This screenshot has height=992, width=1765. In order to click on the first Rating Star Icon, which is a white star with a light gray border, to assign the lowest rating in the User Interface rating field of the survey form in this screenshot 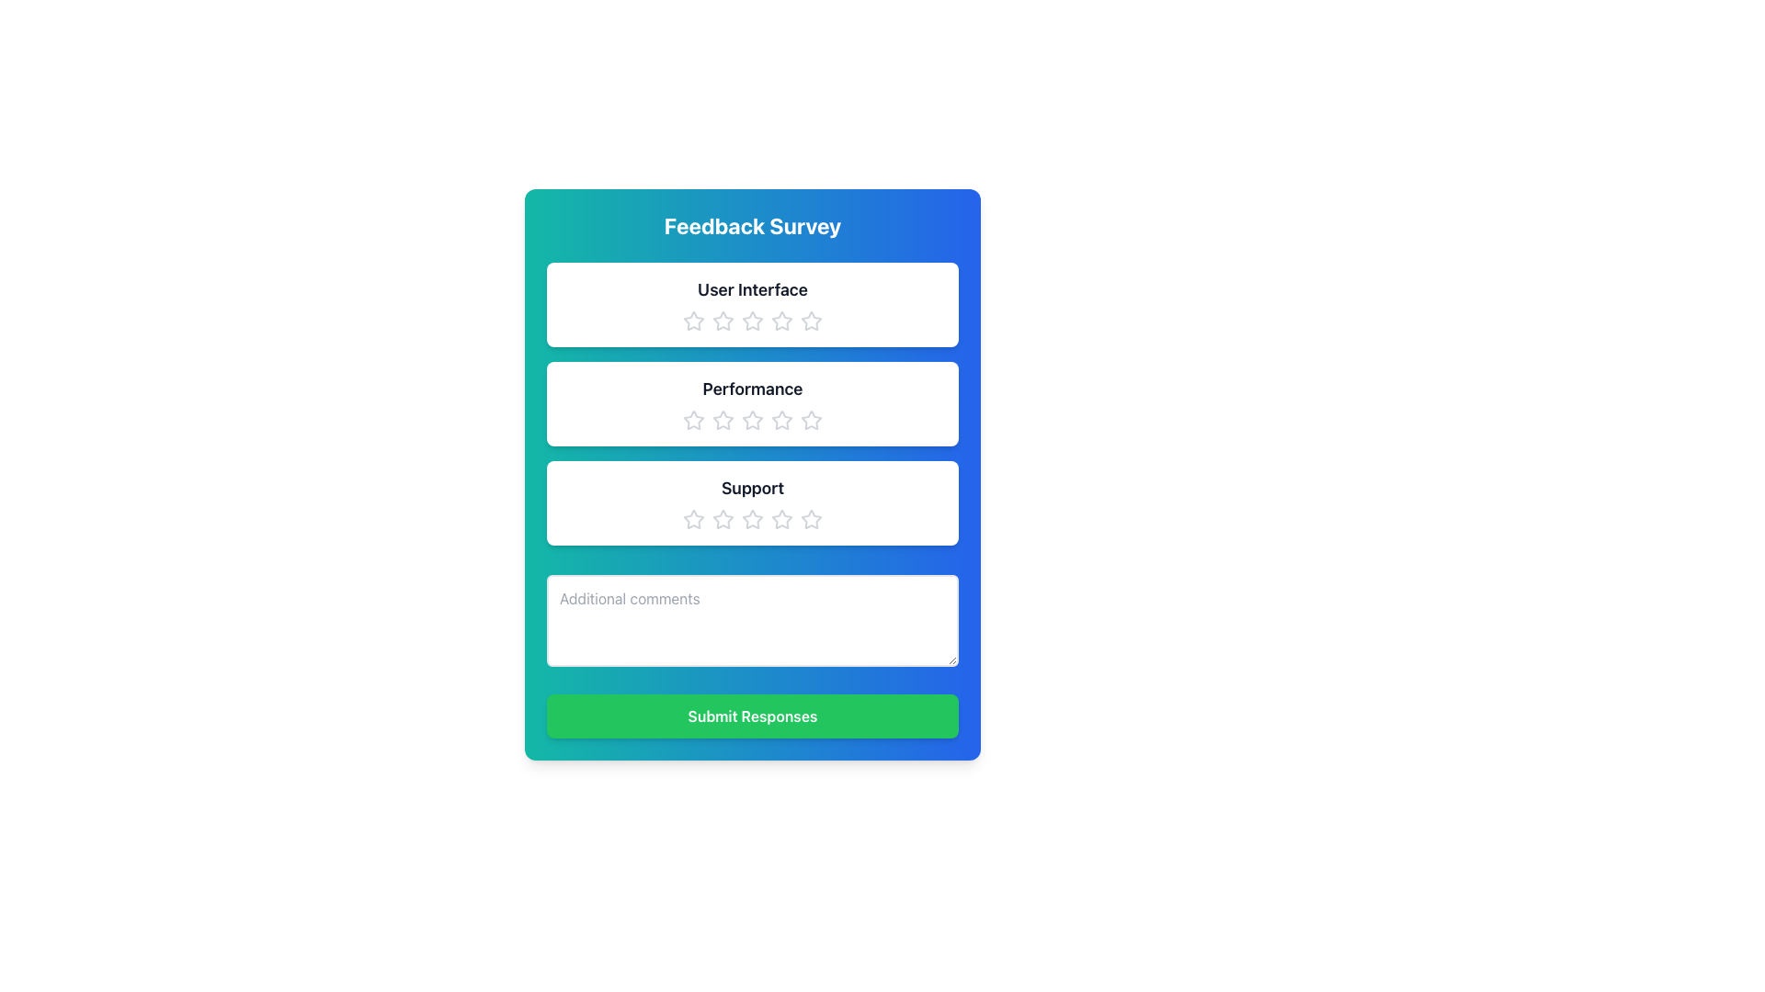, I will do `click(692, 320)`.